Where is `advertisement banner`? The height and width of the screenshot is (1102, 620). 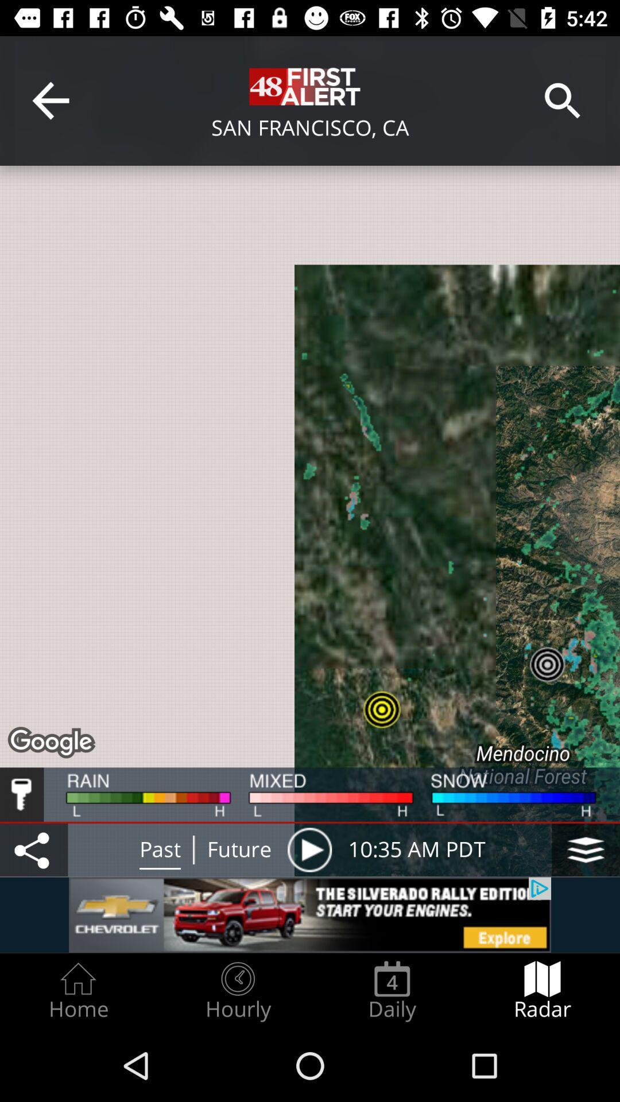 advertisement banner is located at coordinates (310, 914).